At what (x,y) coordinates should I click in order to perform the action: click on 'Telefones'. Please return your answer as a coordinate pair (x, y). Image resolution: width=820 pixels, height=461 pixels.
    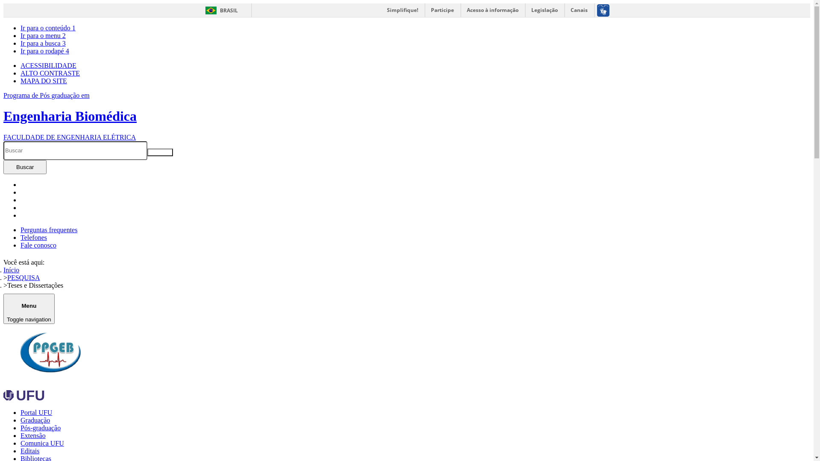
    Looking at the image, I should click on (20, 237).